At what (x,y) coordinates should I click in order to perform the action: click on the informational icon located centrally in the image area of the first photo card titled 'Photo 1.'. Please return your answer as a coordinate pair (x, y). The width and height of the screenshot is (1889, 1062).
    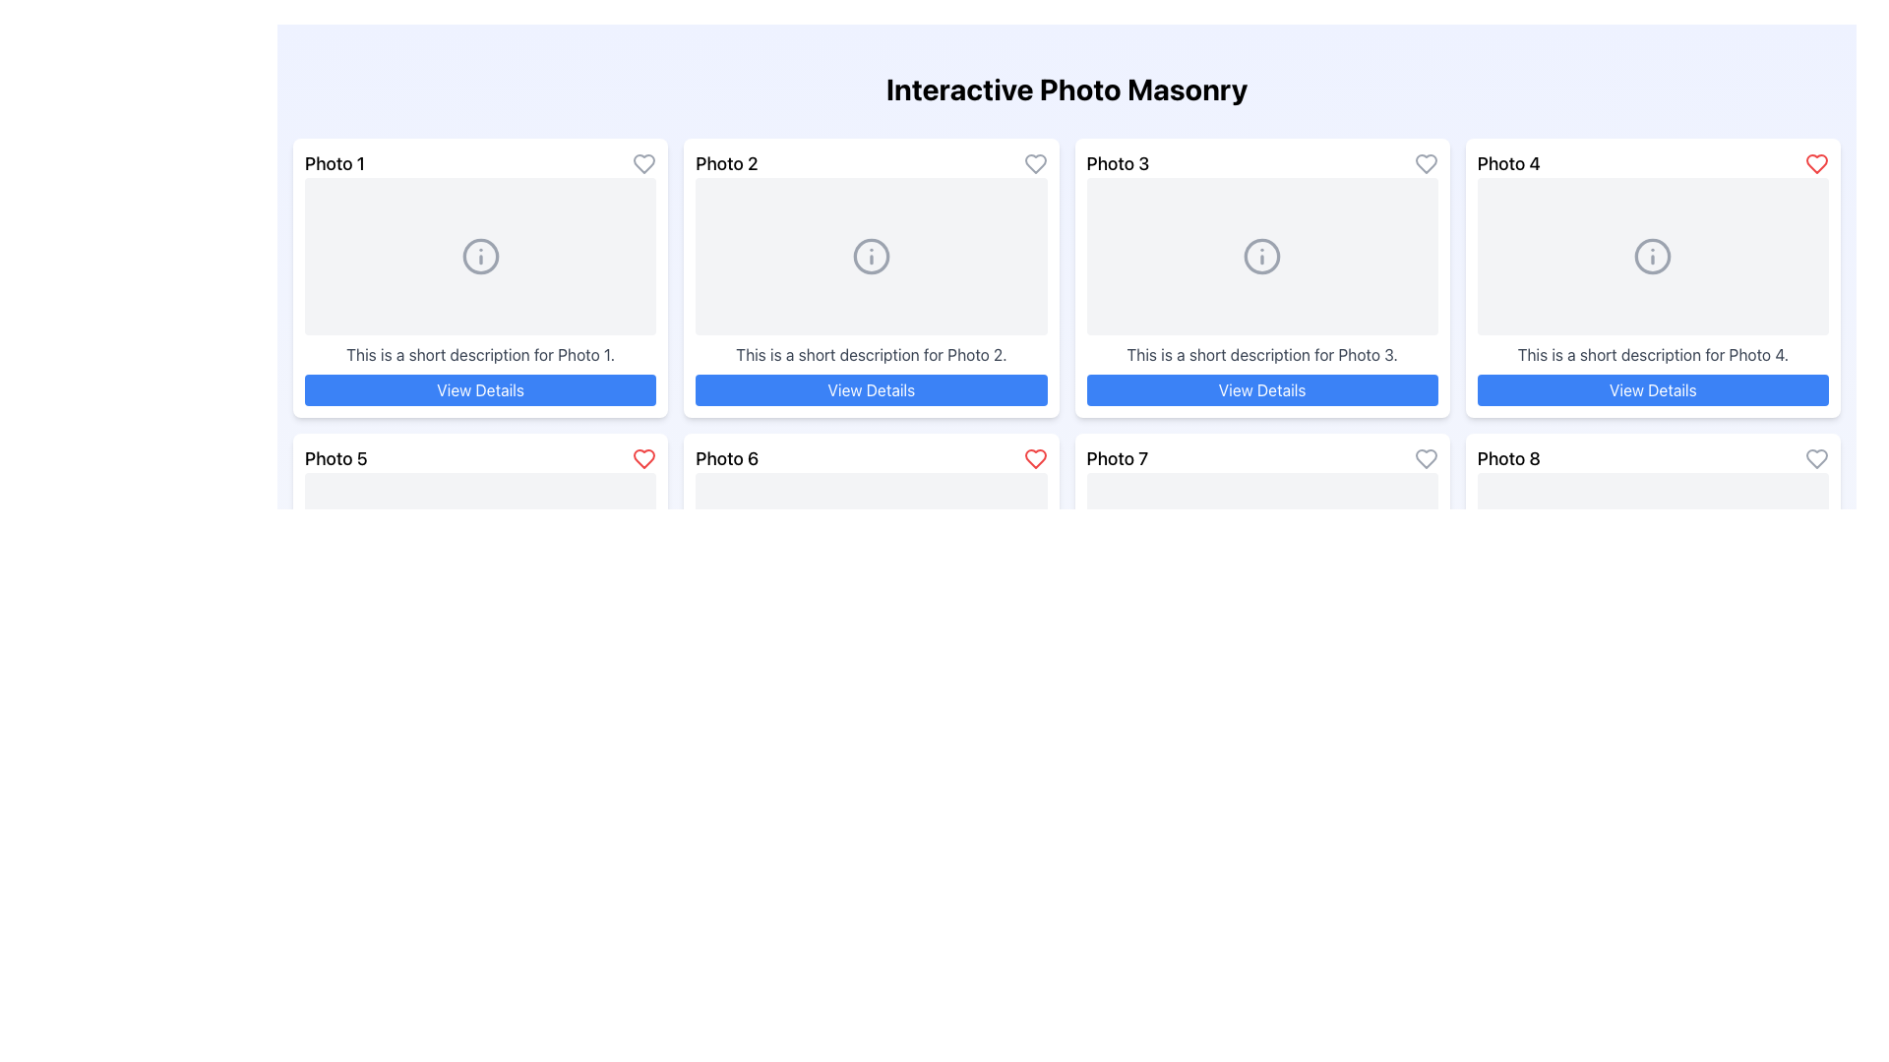
    Looking at the image, I should click on (480, 256).